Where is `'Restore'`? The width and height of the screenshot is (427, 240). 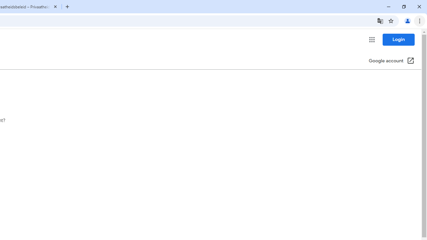
'Restore' is located at coordinates (403, 7).